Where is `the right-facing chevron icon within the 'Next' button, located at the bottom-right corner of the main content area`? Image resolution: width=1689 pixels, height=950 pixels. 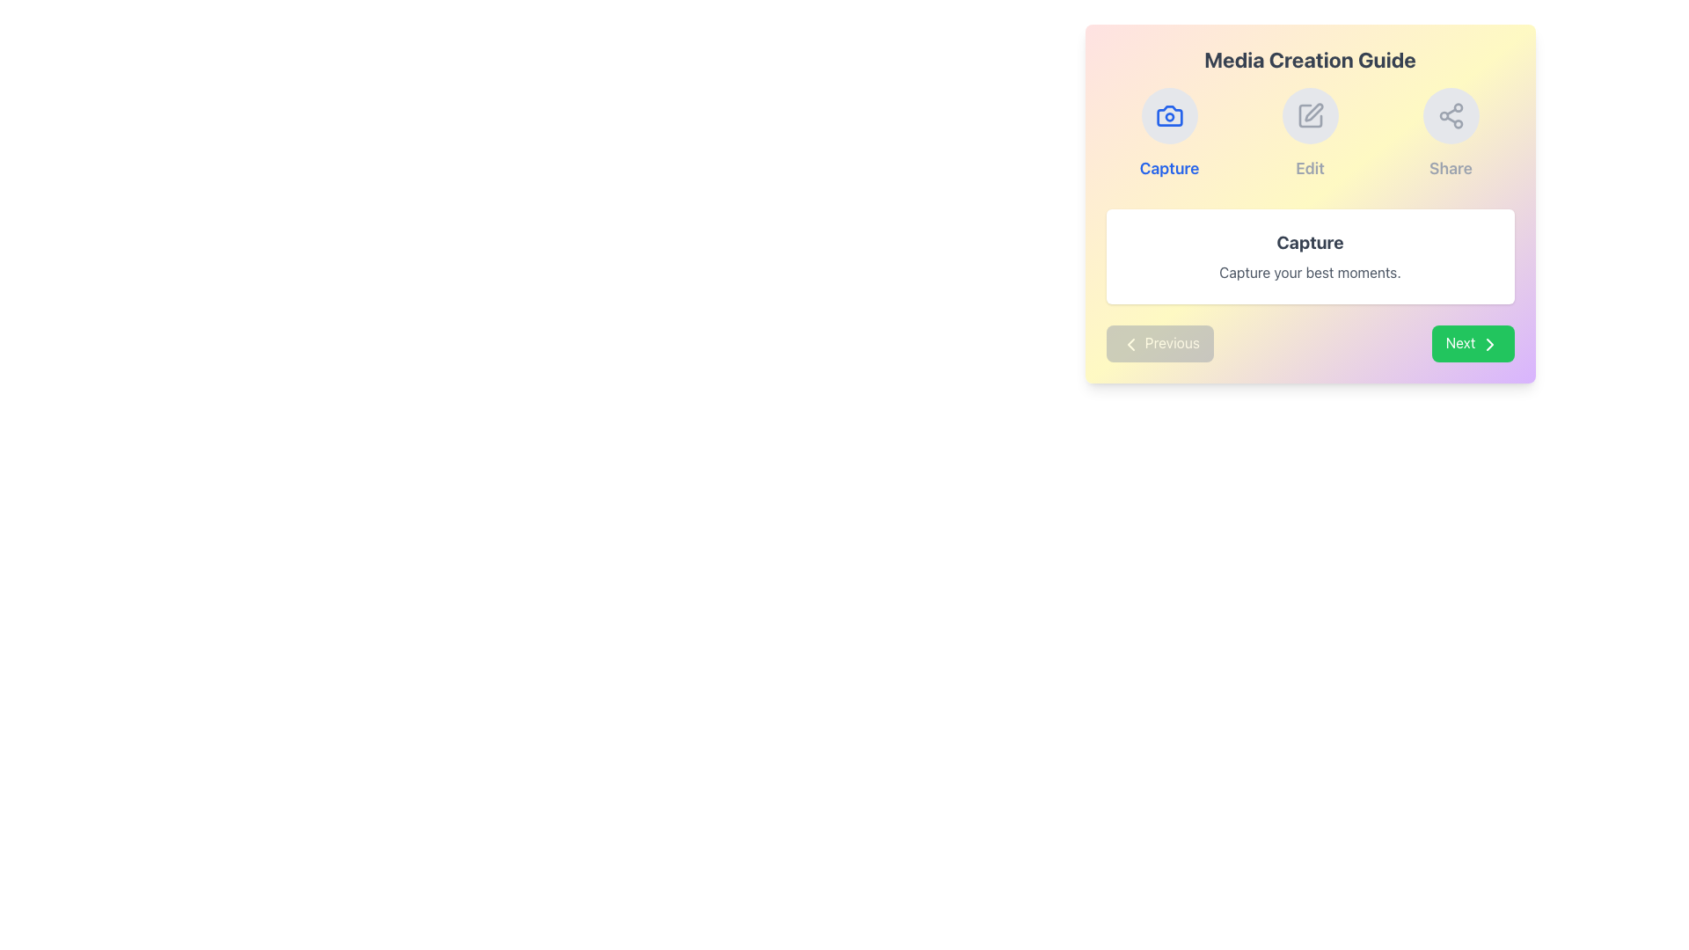 the right-facing chevron icon within the 'Next' button, located at the bottom-right corner of the main content area is located at coordinates (1488, 344).